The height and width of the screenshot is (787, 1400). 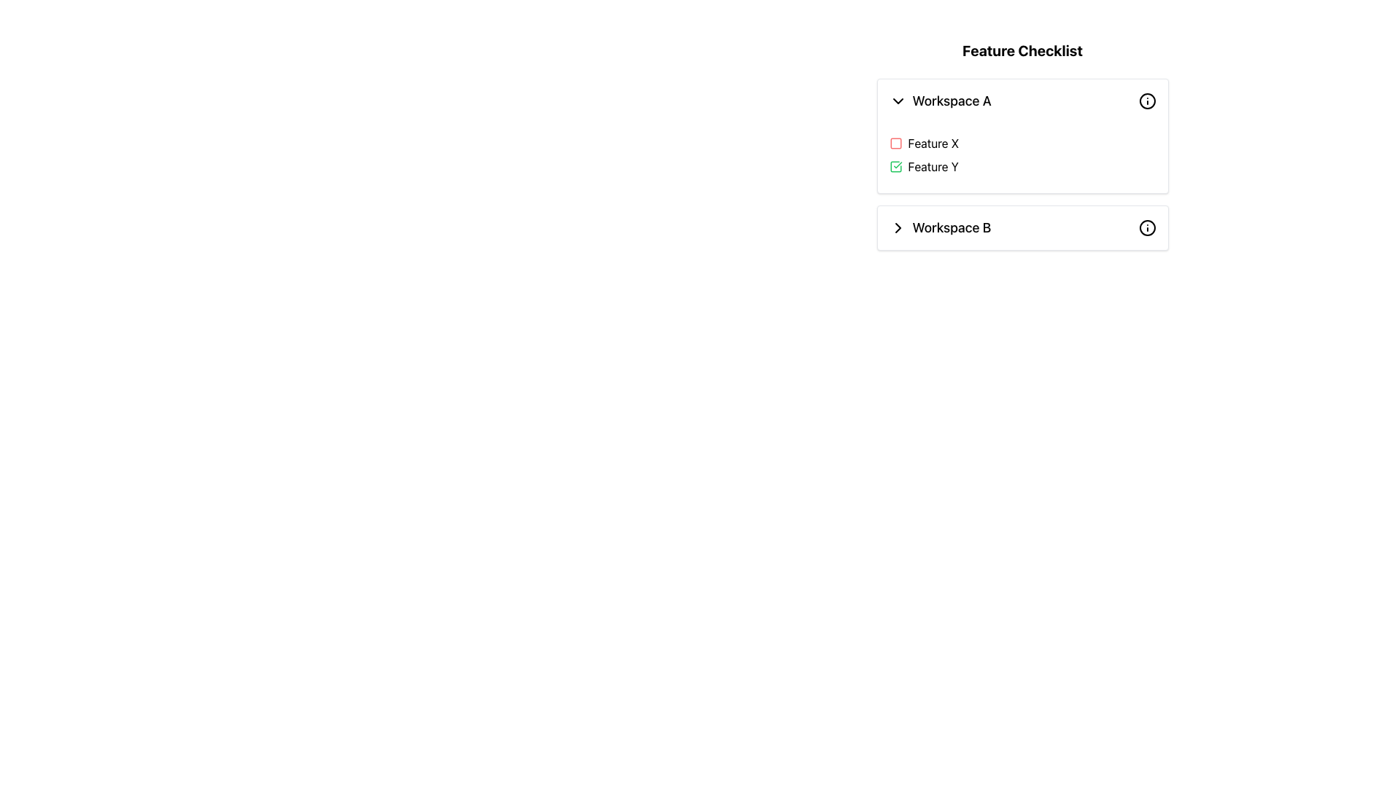 What do you see at coordinates (1146, 227) in the screenshot?
I see `the circular icon with a hollow center and a small centered dot, located at the far right of the 'Workspace B' row` at bounding box center [1146, 227].